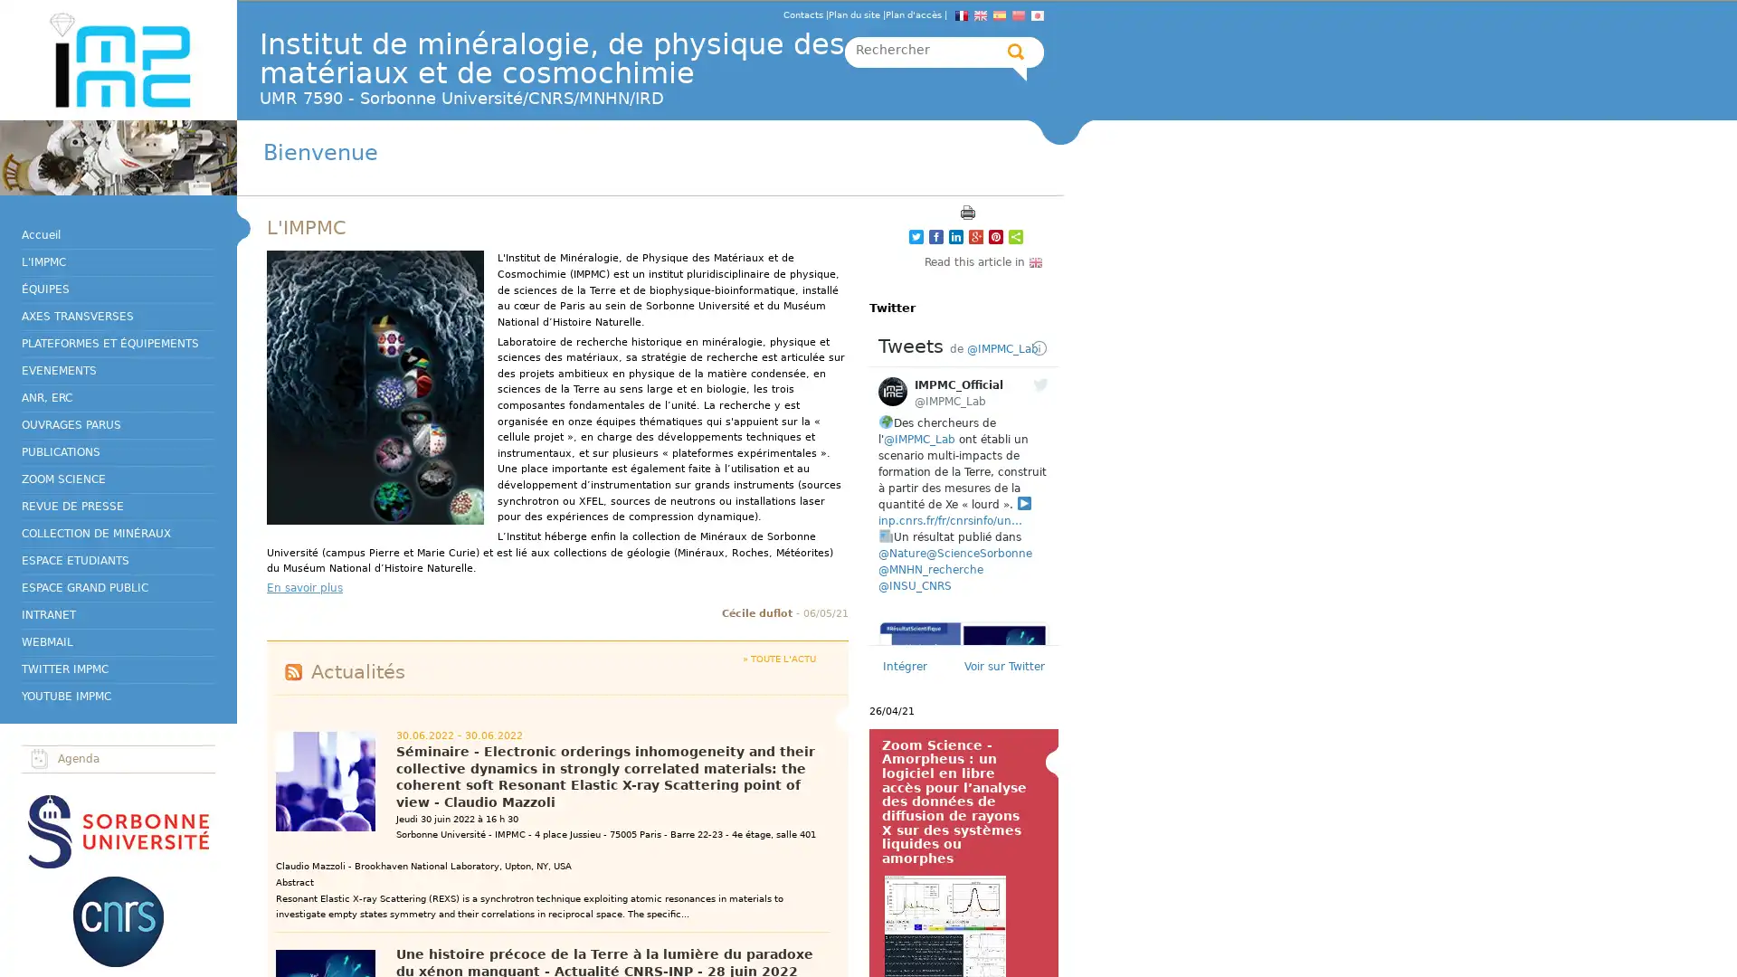  What do you see at coordinates (1016, 51) in the screenshot?
I see `Lancer la recherche` at bounding box center [1016, 51].